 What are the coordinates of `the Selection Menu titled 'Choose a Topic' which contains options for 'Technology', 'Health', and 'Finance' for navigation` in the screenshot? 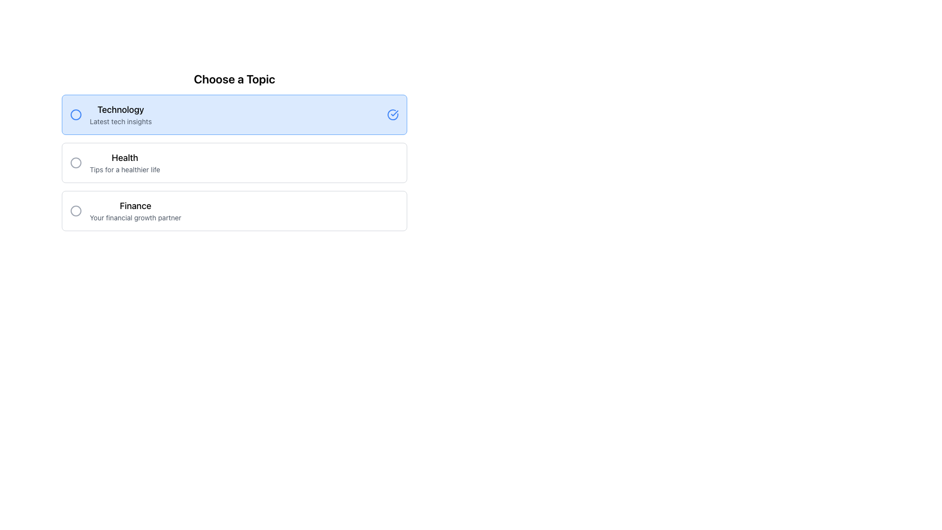 It's located at (234, 151).